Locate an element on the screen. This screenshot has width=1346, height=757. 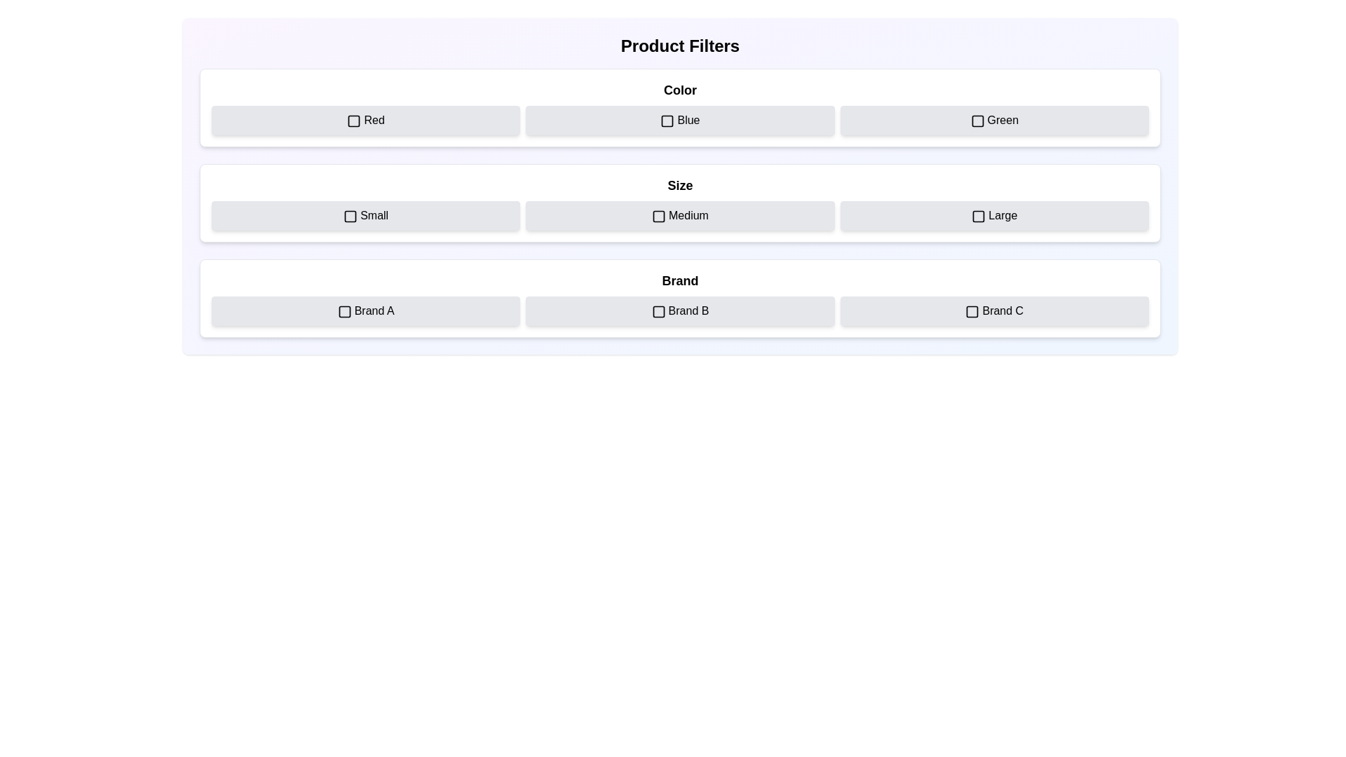
the interactive checkbox for filtering products by the 'Brand B' category is located at coordinates (658, 311).